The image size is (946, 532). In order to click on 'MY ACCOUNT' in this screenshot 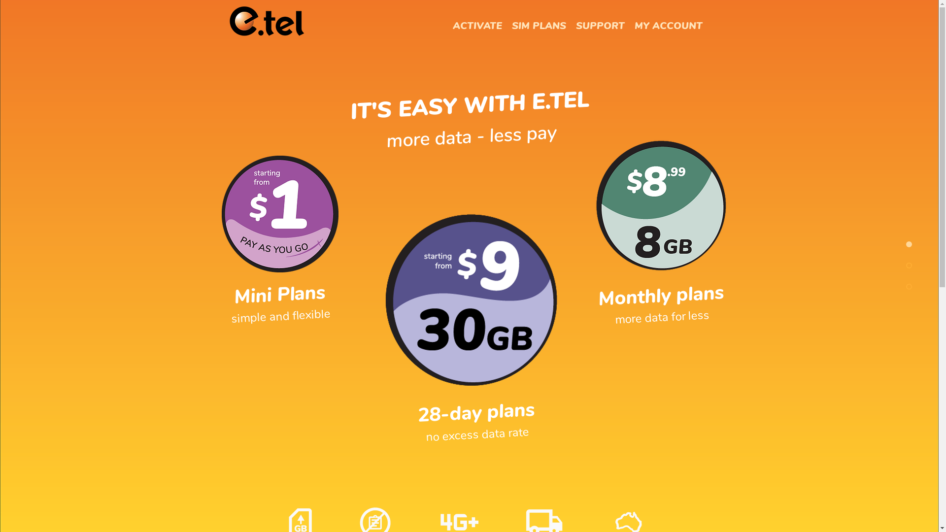, I will do `click(669, 26)`.